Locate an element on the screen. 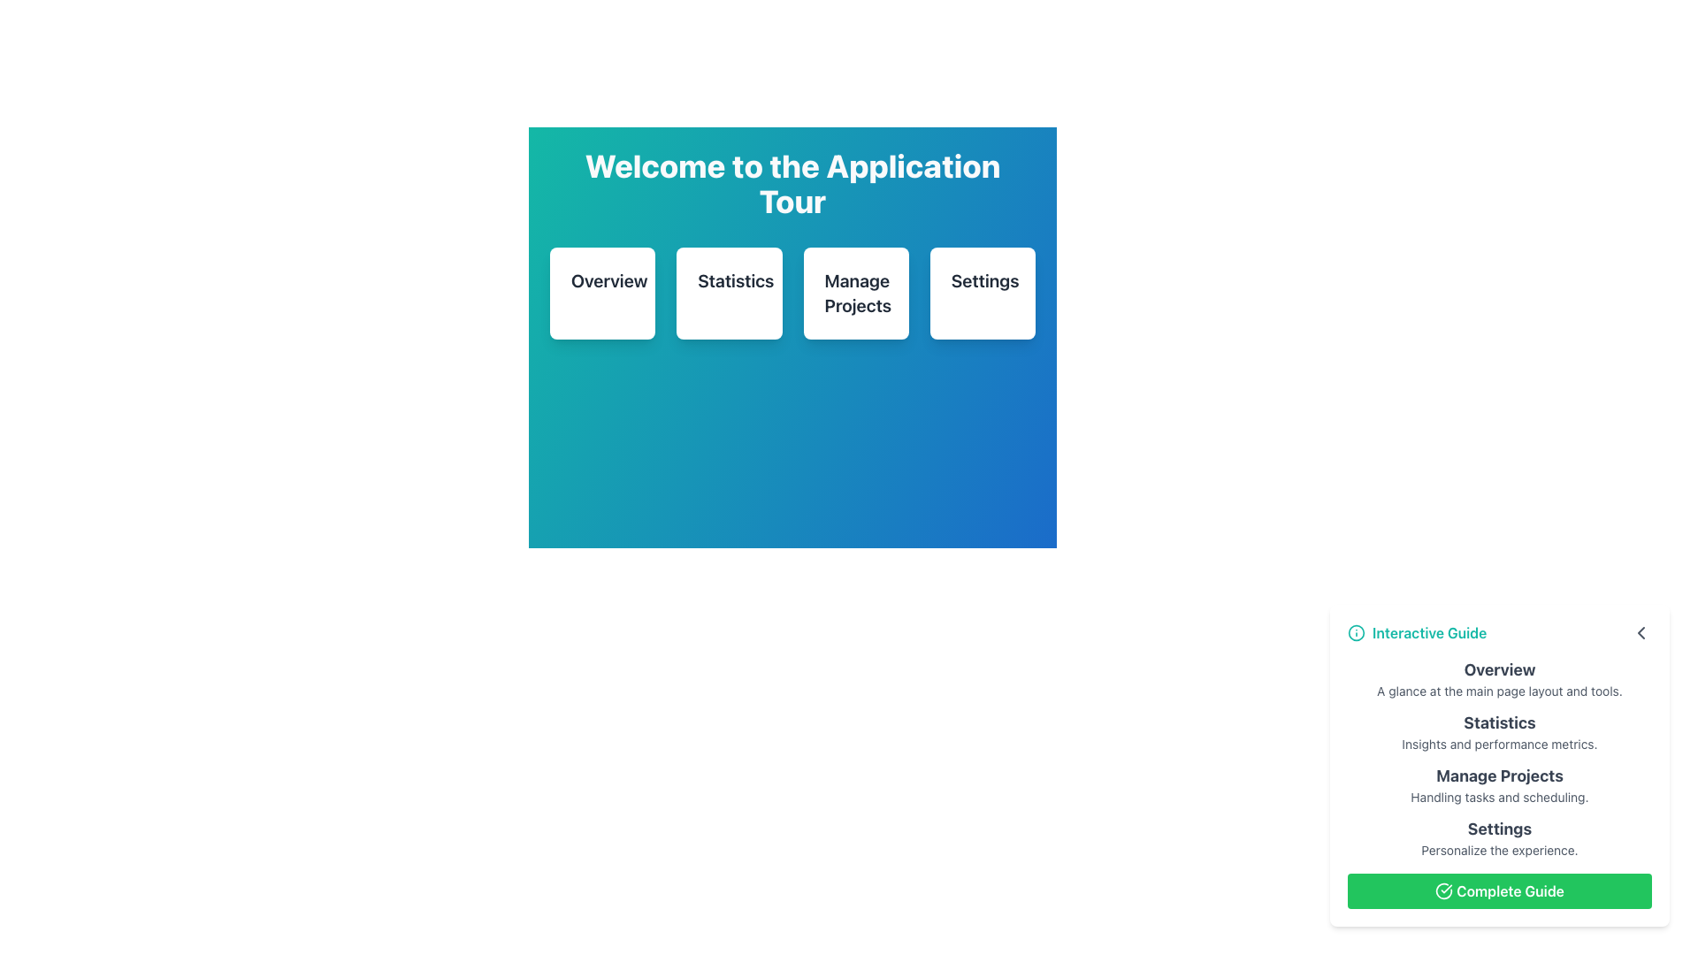 This screenshot has width=1698, height=955. the 'Settings' text header located in the fourth position of the vertical list in the right-hand panel is located at coordinates (1498, 829).